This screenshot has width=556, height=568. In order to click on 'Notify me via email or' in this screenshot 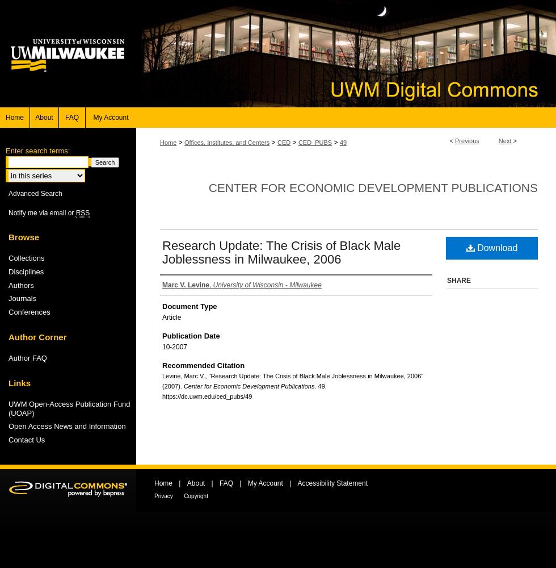, I will do `click(8, 212)`.